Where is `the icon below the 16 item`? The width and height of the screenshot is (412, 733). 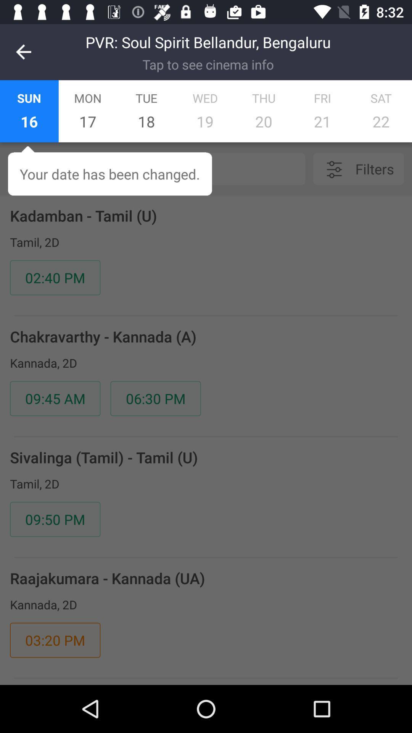
the icon below the 16 item is located at coordinates (175, 168).